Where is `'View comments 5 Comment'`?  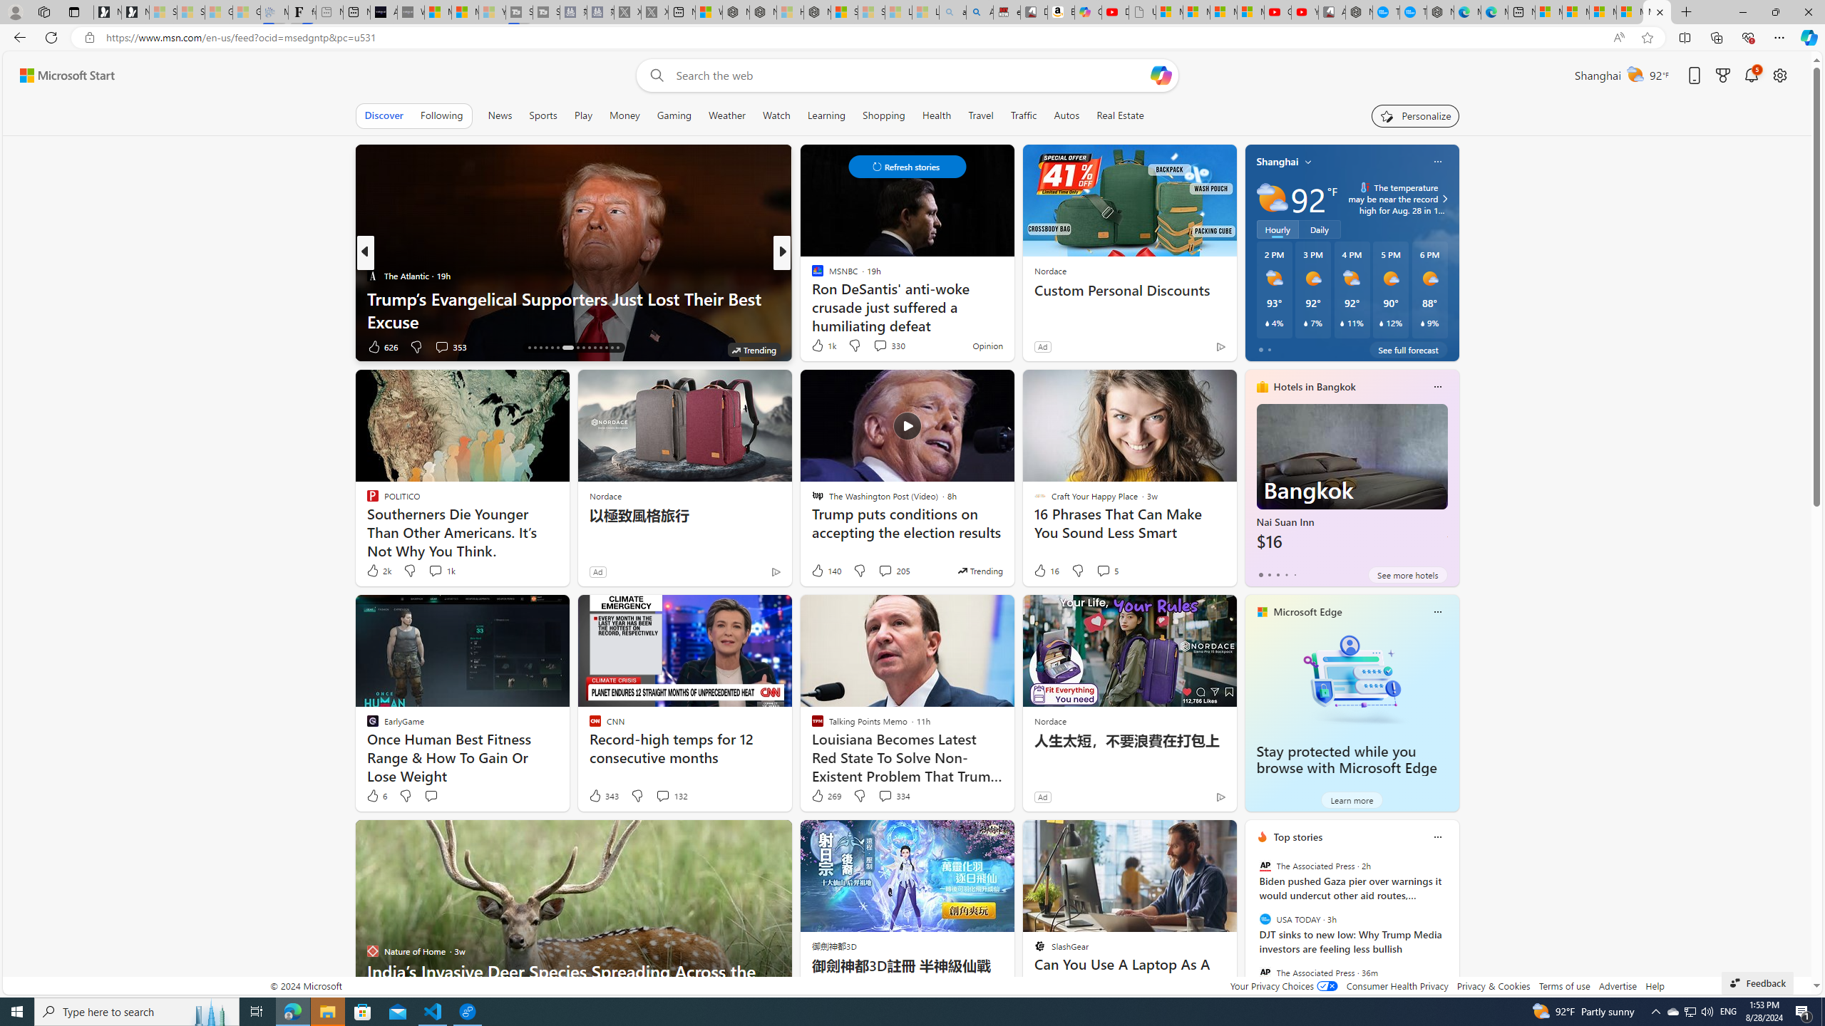
'View comments 5 Comment' is located at coordinates (1106, 570).